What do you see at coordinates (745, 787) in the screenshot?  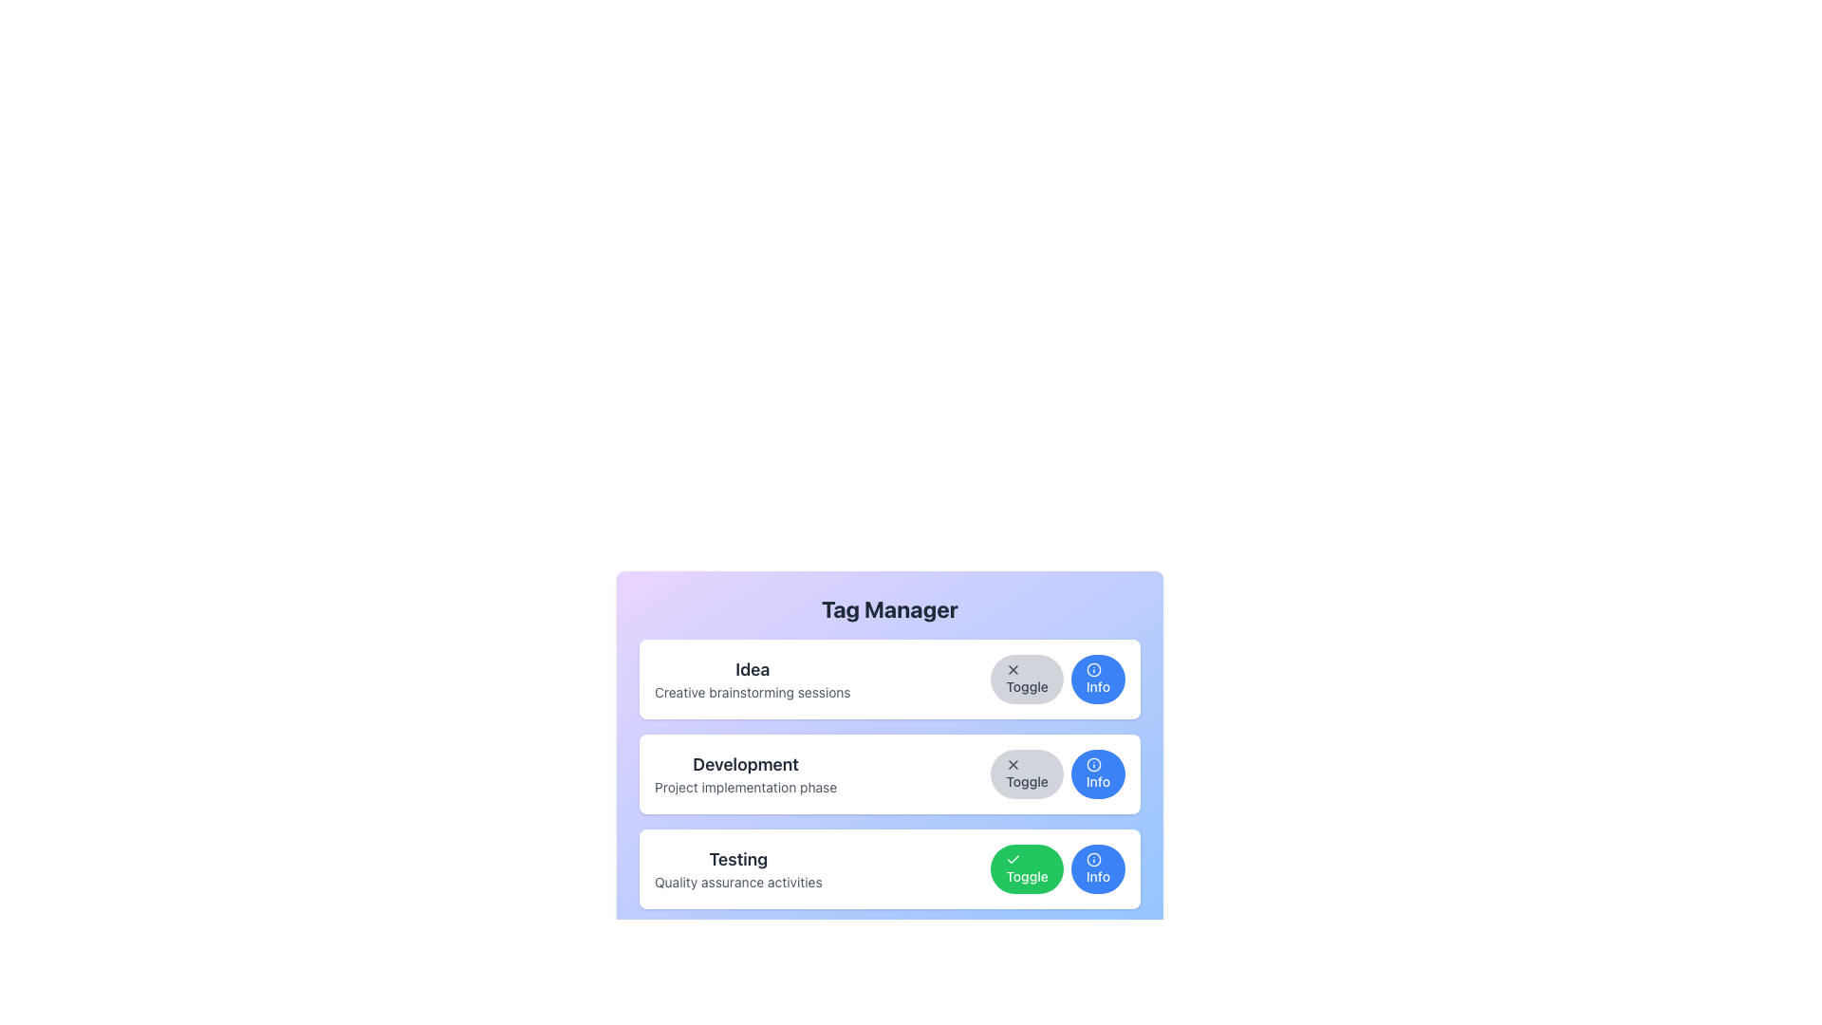 I see `the static text label that provides additional details about the 'Development' stage, located beneath the 'Development' heading in the second card of a vertically stacked list` at bounding box center [745, 787].